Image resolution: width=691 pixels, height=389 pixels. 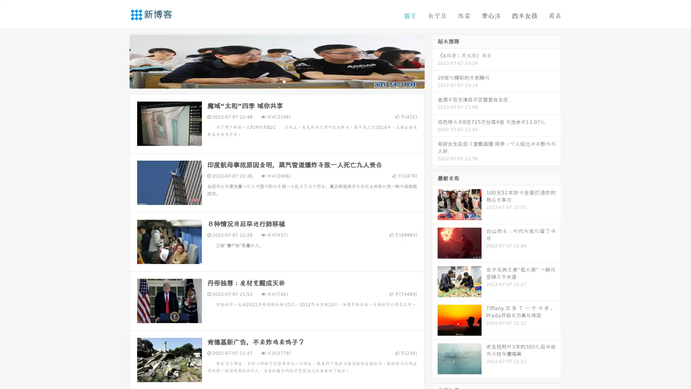 I want to click on Go to slide 3, so click(x=284, y=81).